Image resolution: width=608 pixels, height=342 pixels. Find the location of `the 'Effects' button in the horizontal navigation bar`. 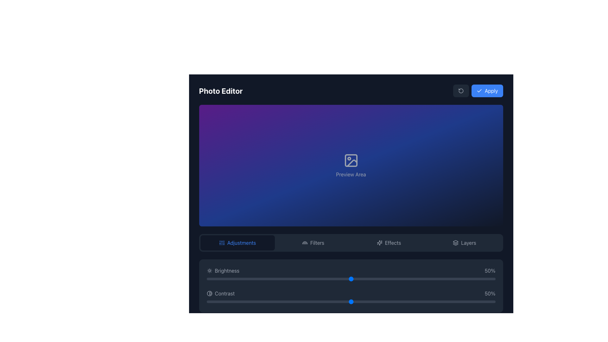

the 'Effects' button in the horizontal navigation bar is located at coordinates (389, 243).